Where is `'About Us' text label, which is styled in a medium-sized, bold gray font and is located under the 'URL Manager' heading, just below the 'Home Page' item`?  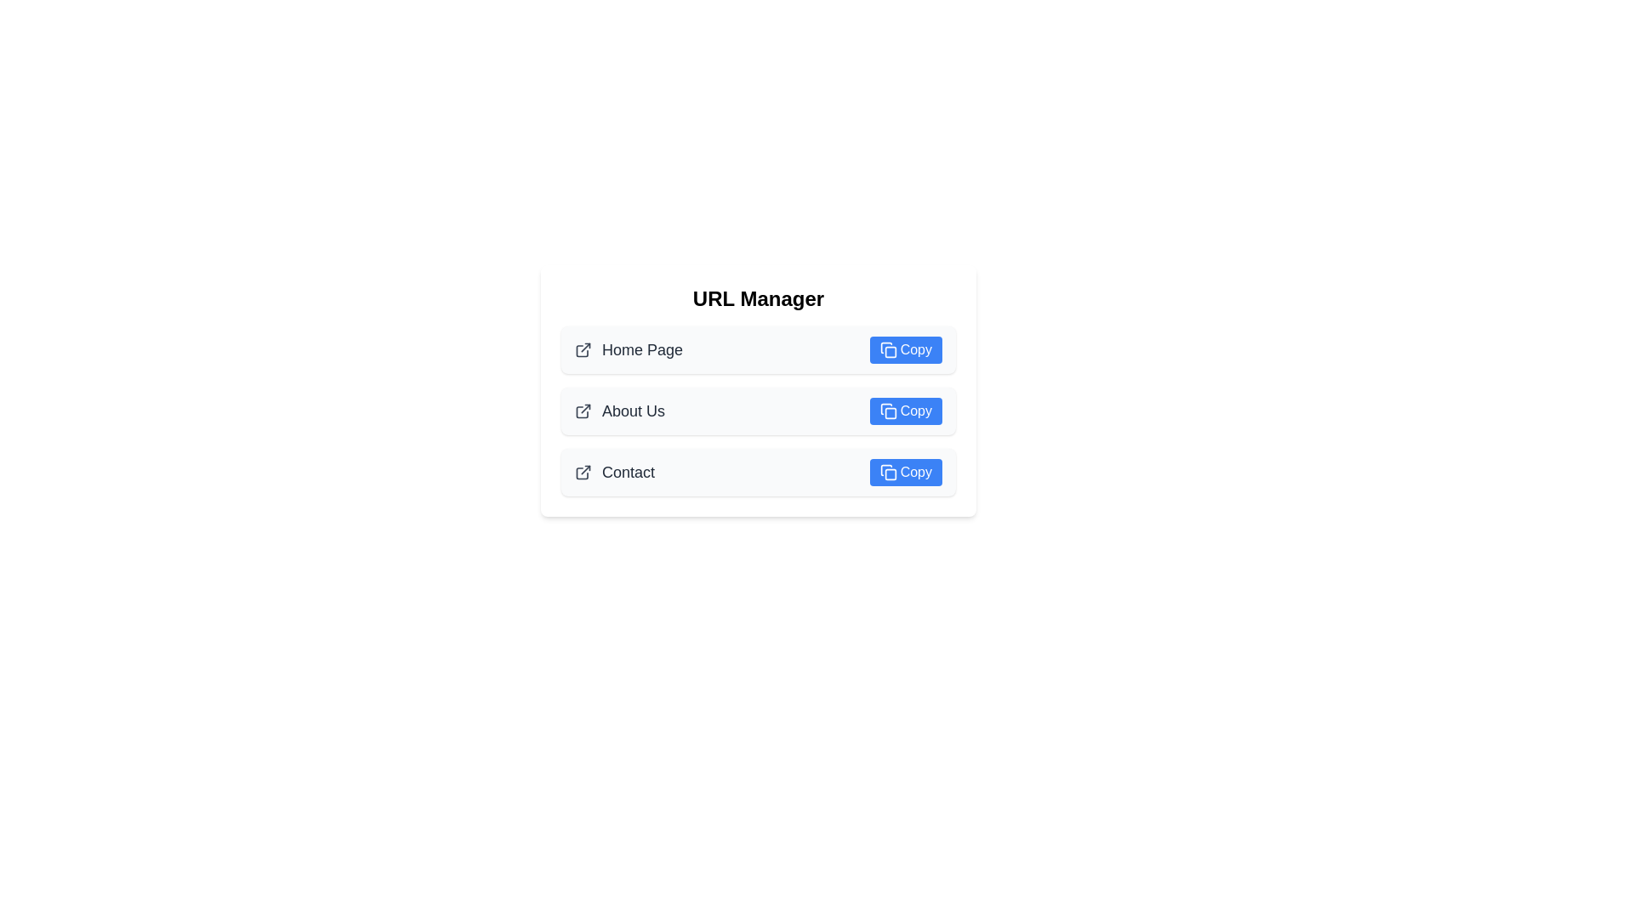 'About Us' text label, which is styled in a medium-sized, bold gray font and is located under the 'URL Manager' heading, just below the 'Home Page' item is located at coordinates (619, 411).